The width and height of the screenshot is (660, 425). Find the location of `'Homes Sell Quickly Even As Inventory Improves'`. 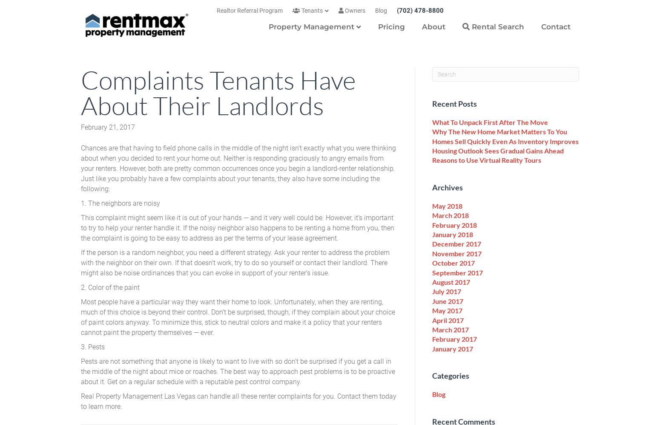

'Homes Sell Quickly Even As Inventory Improves' is located at coordinates (505, 140).